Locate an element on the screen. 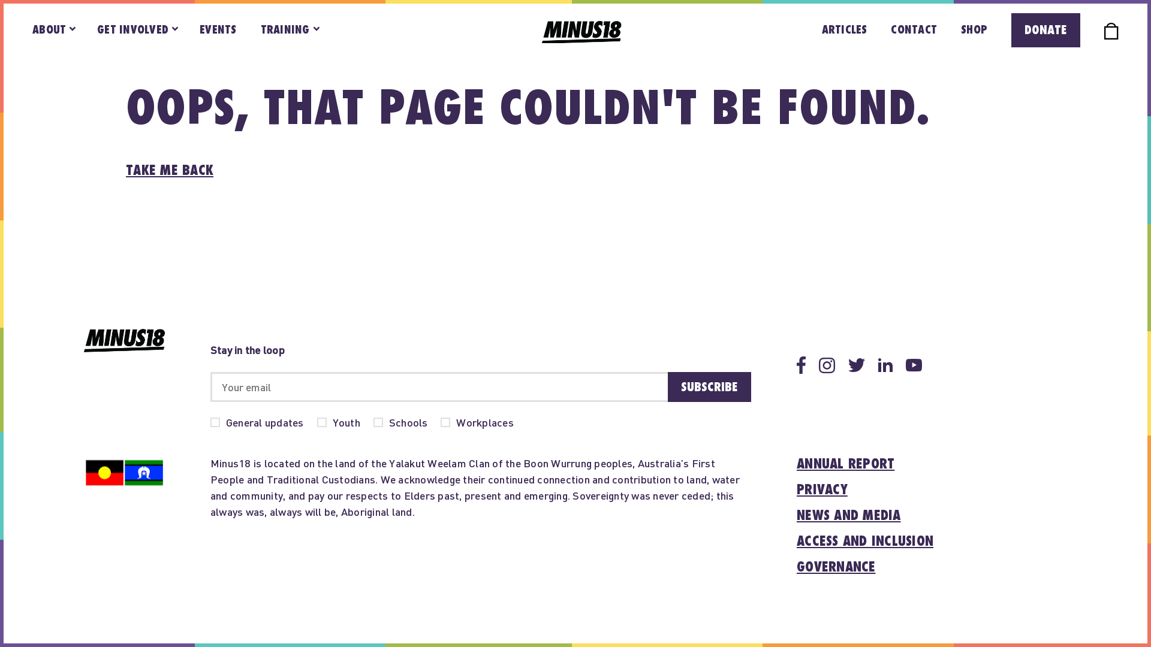 This screenshot has height=647, width=1151. 'EVENTS' is located at coordinates (218, 29).